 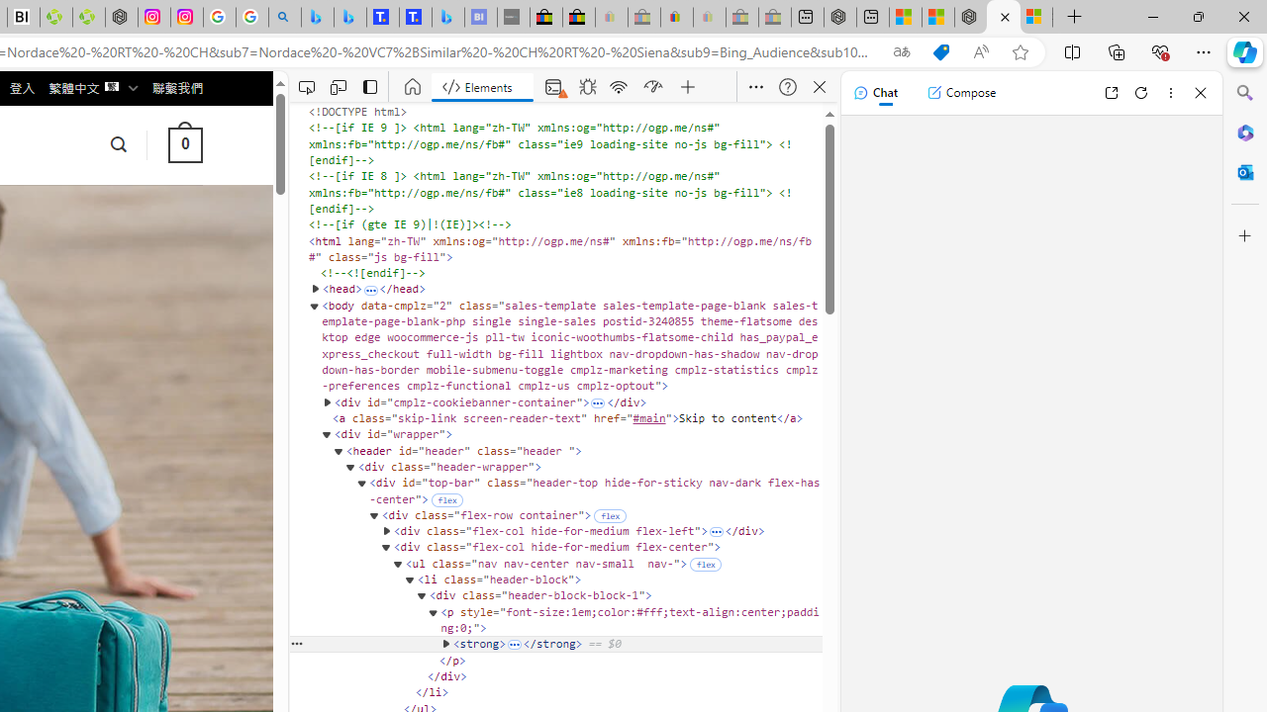 What do you see at coordinates (338, 86) in the screenshot?
I see `'Toggle device emulation'` at bounding box center [338, 86].